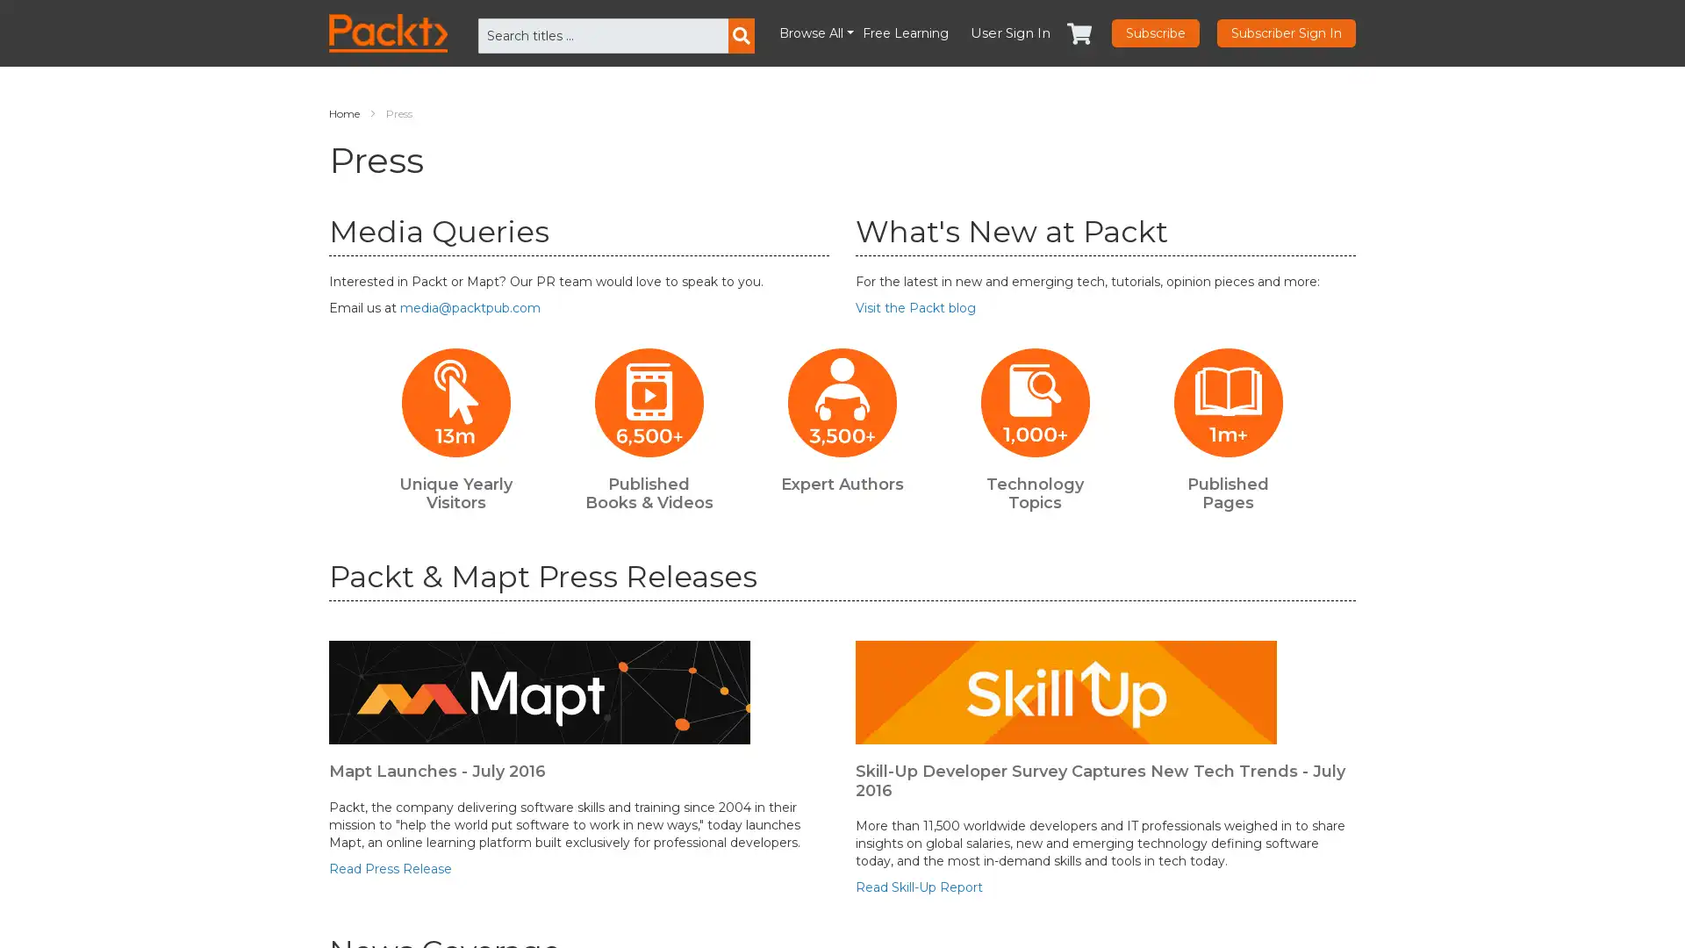  What do you see at coordinates (1155, 33) in the screenshot?
I see `Subscribe` at bounding box center [1155, 33].